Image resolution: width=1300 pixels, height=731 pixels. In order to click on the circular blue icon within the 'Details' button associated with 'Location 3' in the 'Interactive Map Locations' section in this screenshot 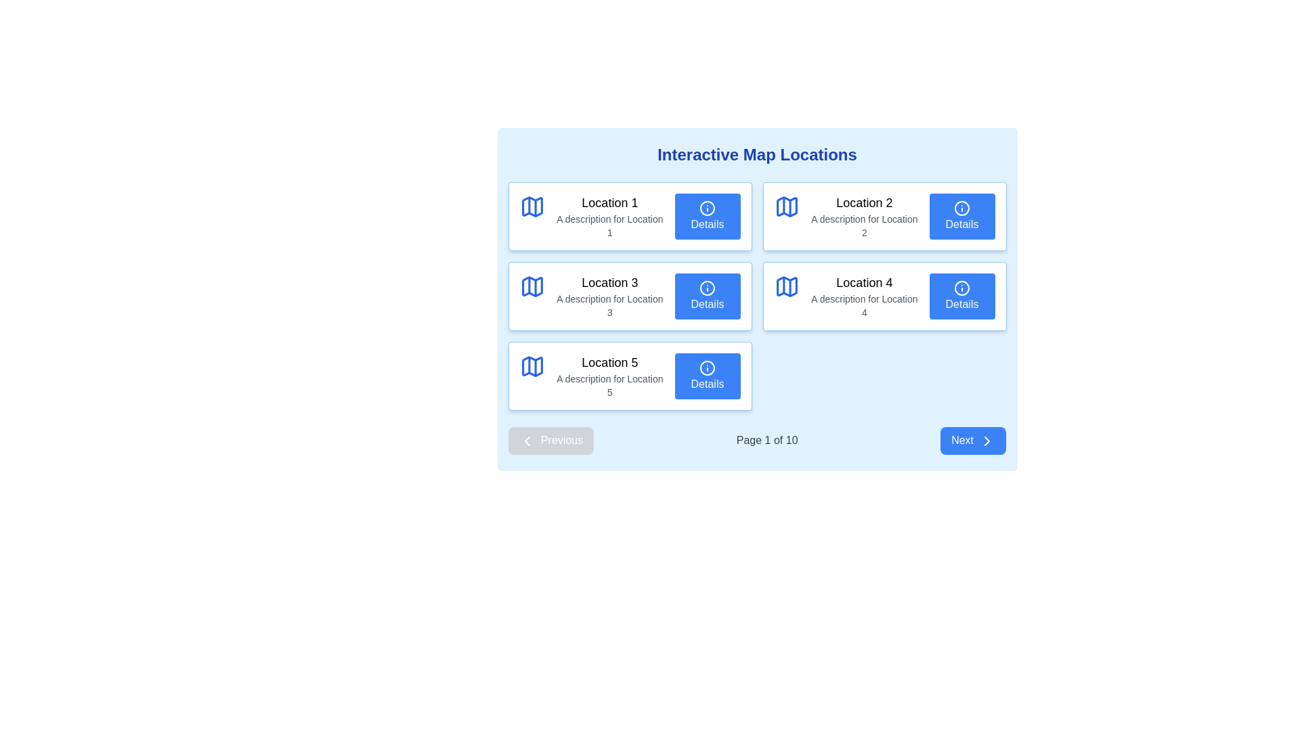, I will do `click(707, 288)`.